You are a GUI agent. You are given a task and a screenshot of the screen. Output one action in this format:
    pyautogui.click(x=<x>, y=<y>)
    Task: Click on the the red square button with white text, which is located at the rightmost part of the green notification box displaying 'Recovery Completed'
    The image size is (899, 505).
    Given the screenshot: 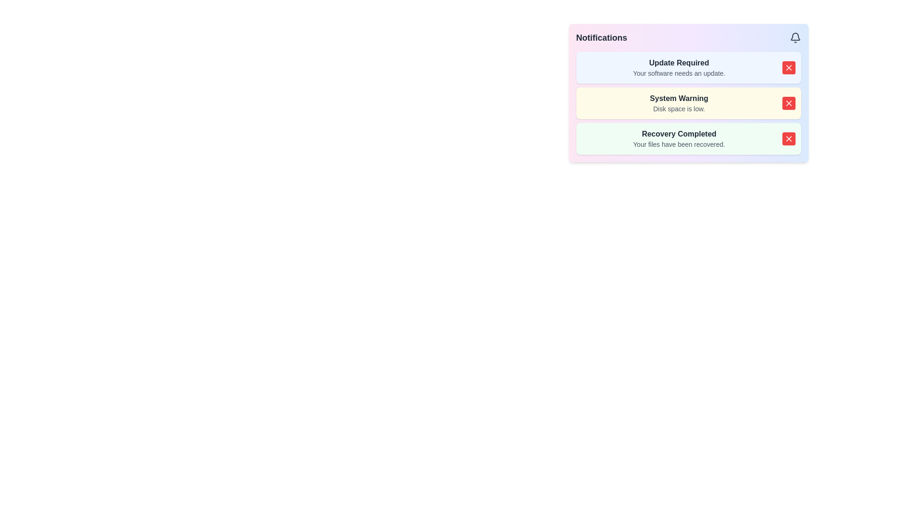 What is the action you would take?
    pyautogui.click(x=788, y=139)
    